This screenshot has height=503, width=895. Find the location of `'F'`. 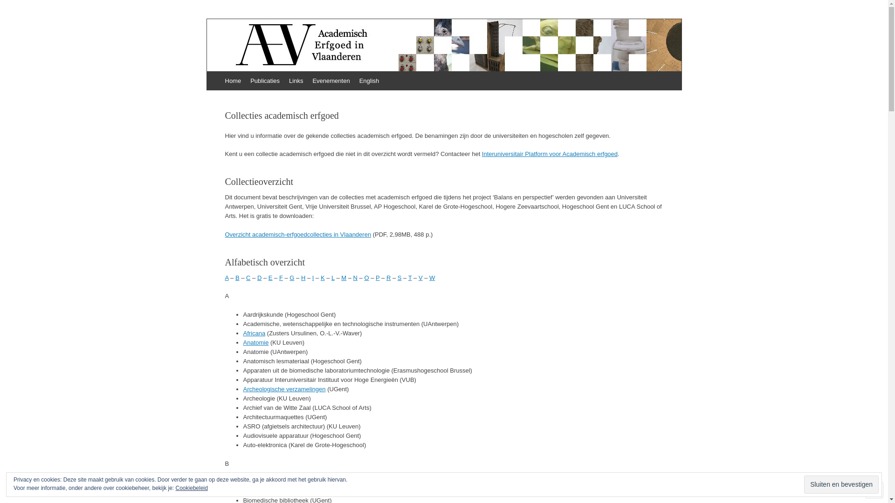

'F' is located at coordinates (281, 277).